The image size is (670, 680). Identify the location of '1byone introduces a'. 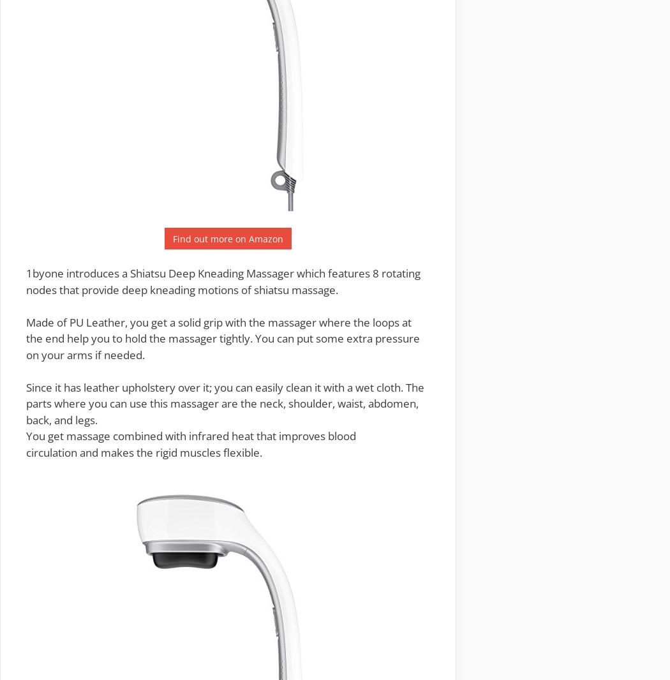
(77, 273).